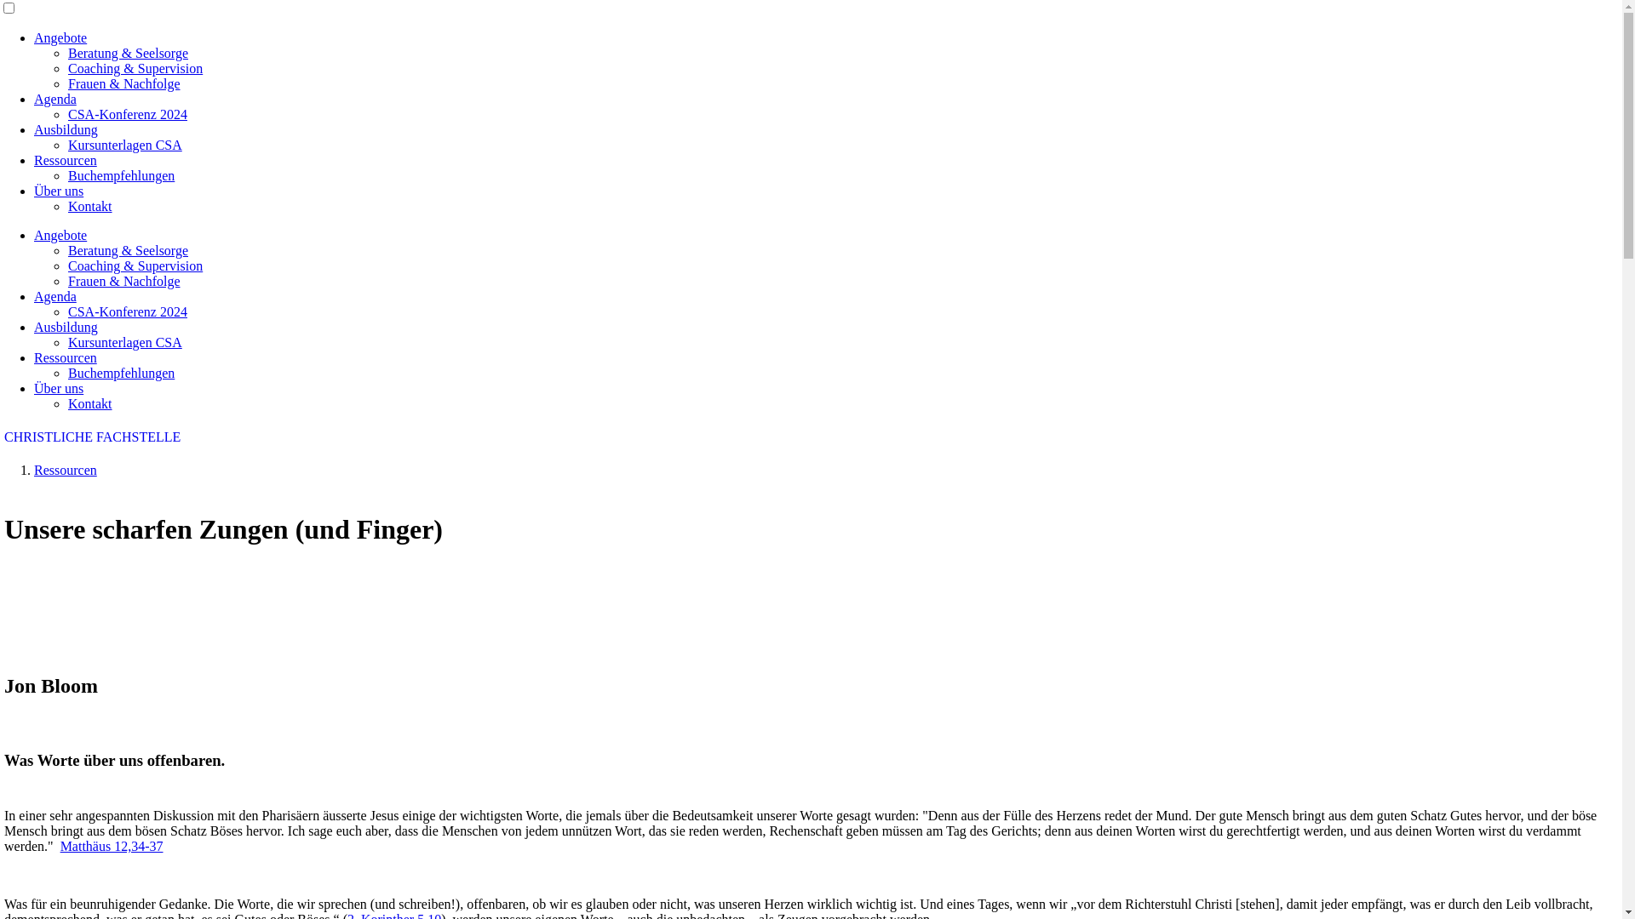 The height and width of the screenshot is (919, 1635). I want to click on 'Kursunterlagen CSA', so click(124, 144).